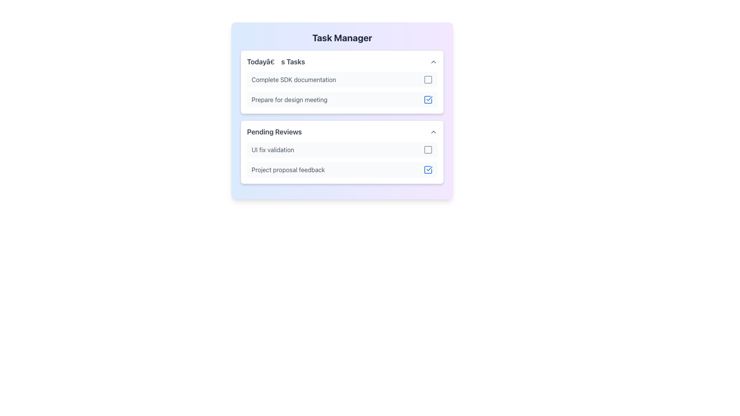  Describe the element at coordinates (276, 62) in the screenshot. I see `the text label displaying 'Today’s Tasks' which is located in the top-left section of the light blue card interface under the 'Task Manager' heading` at that location.